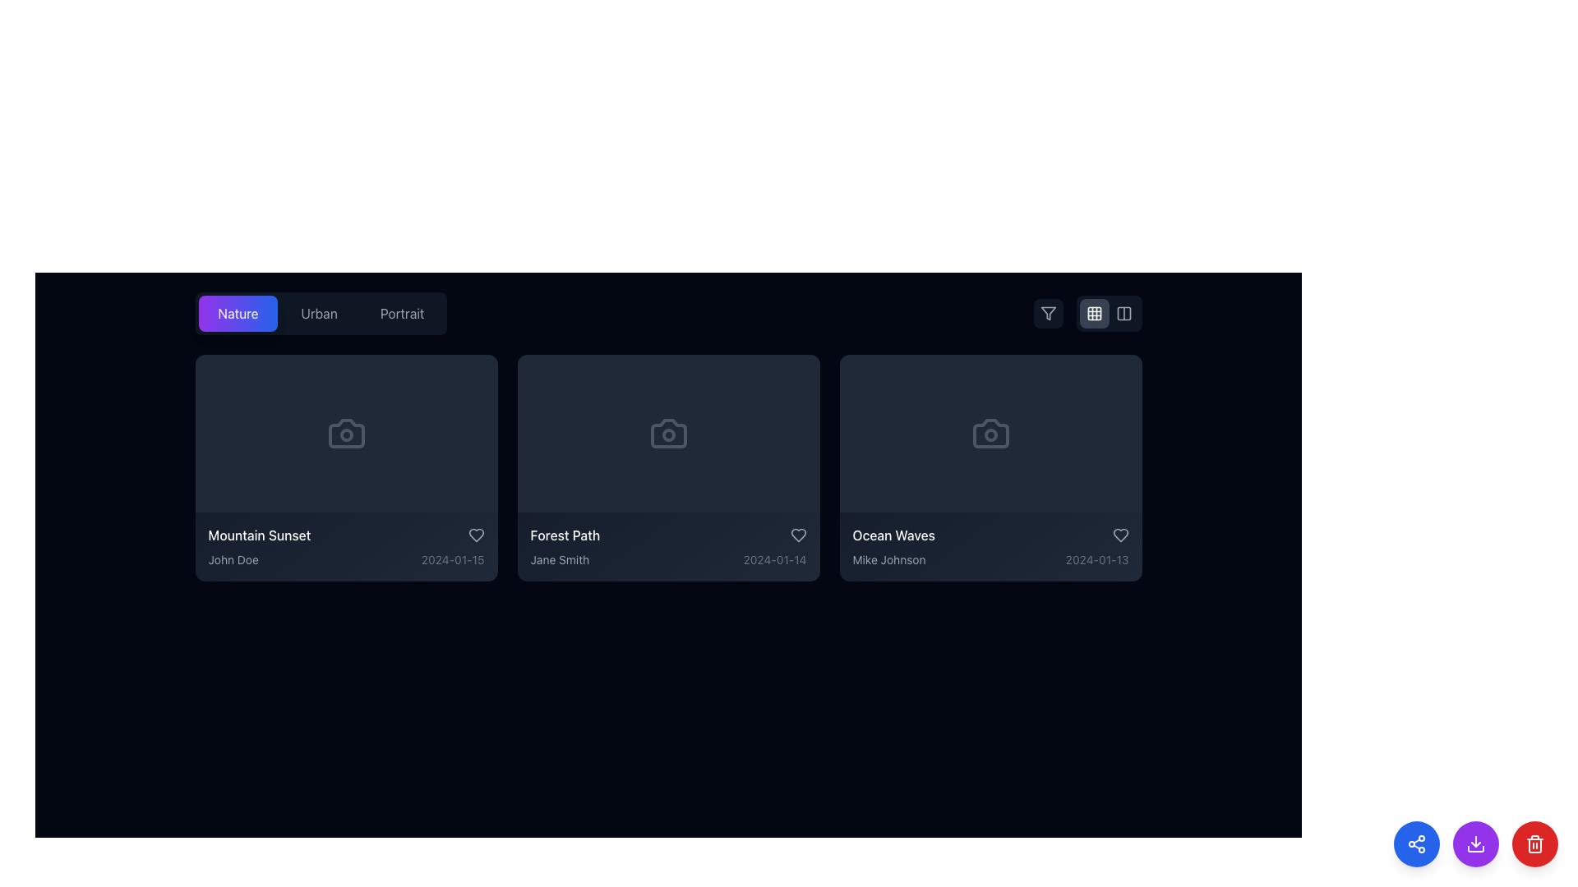 The image size is (1578, 887). What do you see at coordinates (1094, 313) in the screenshot?
I see `the layout view switch button with a dark gray rounded background and white grid icon` at bounding box center [1094, 313].